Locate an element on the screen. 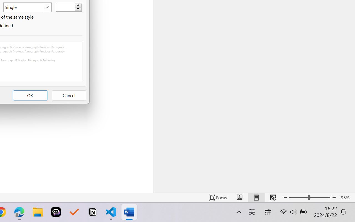  'At:' is located at coordinates (69, 7).